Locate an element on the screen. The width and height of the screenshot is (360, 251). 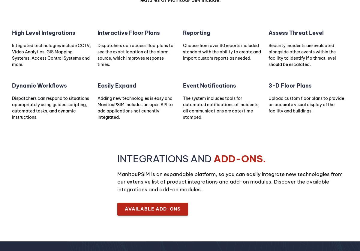
'ManitouPSIM is an expandable platform, so you can easily integrate new technologies from our extensive list of product integrations and add-on modules. Discover the available integrations and add-on modules.' is located at coordinates (229, 181).